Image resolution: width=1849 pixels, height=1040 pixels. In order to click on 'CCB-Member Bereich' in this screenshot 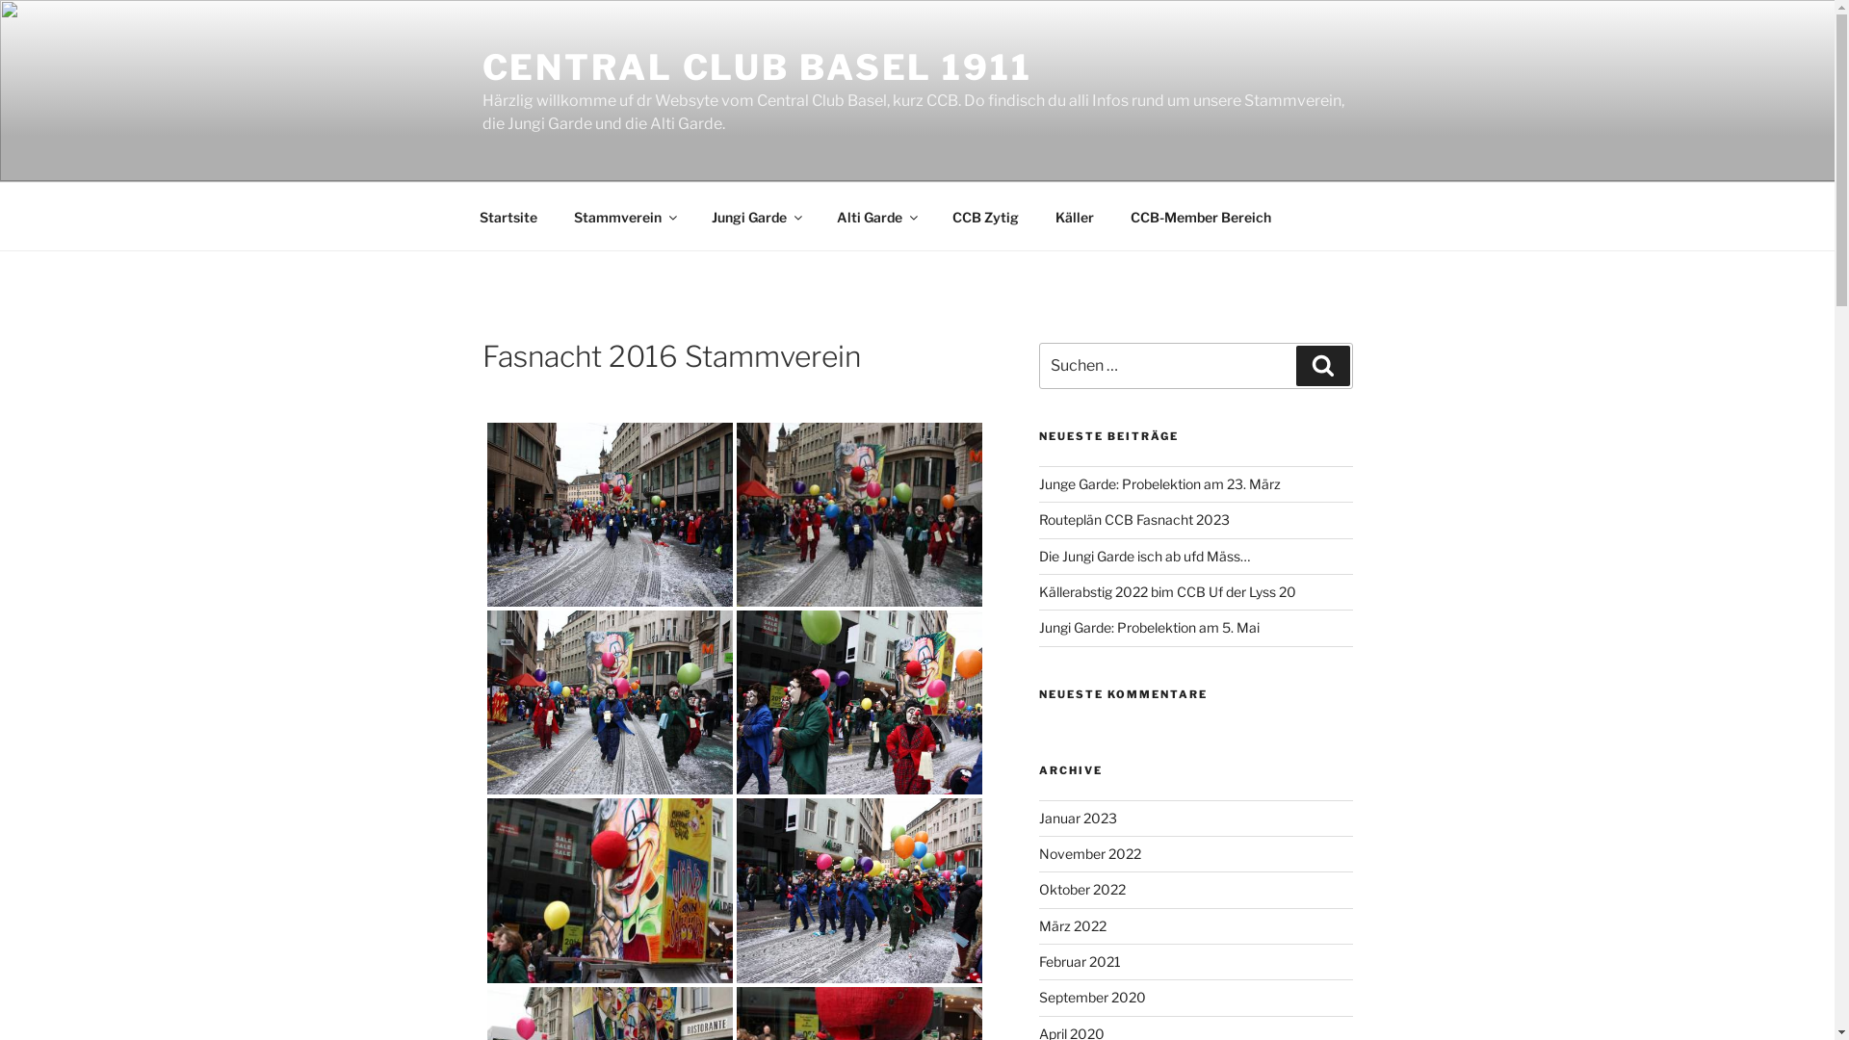, I will do `click(1199, 216)`.